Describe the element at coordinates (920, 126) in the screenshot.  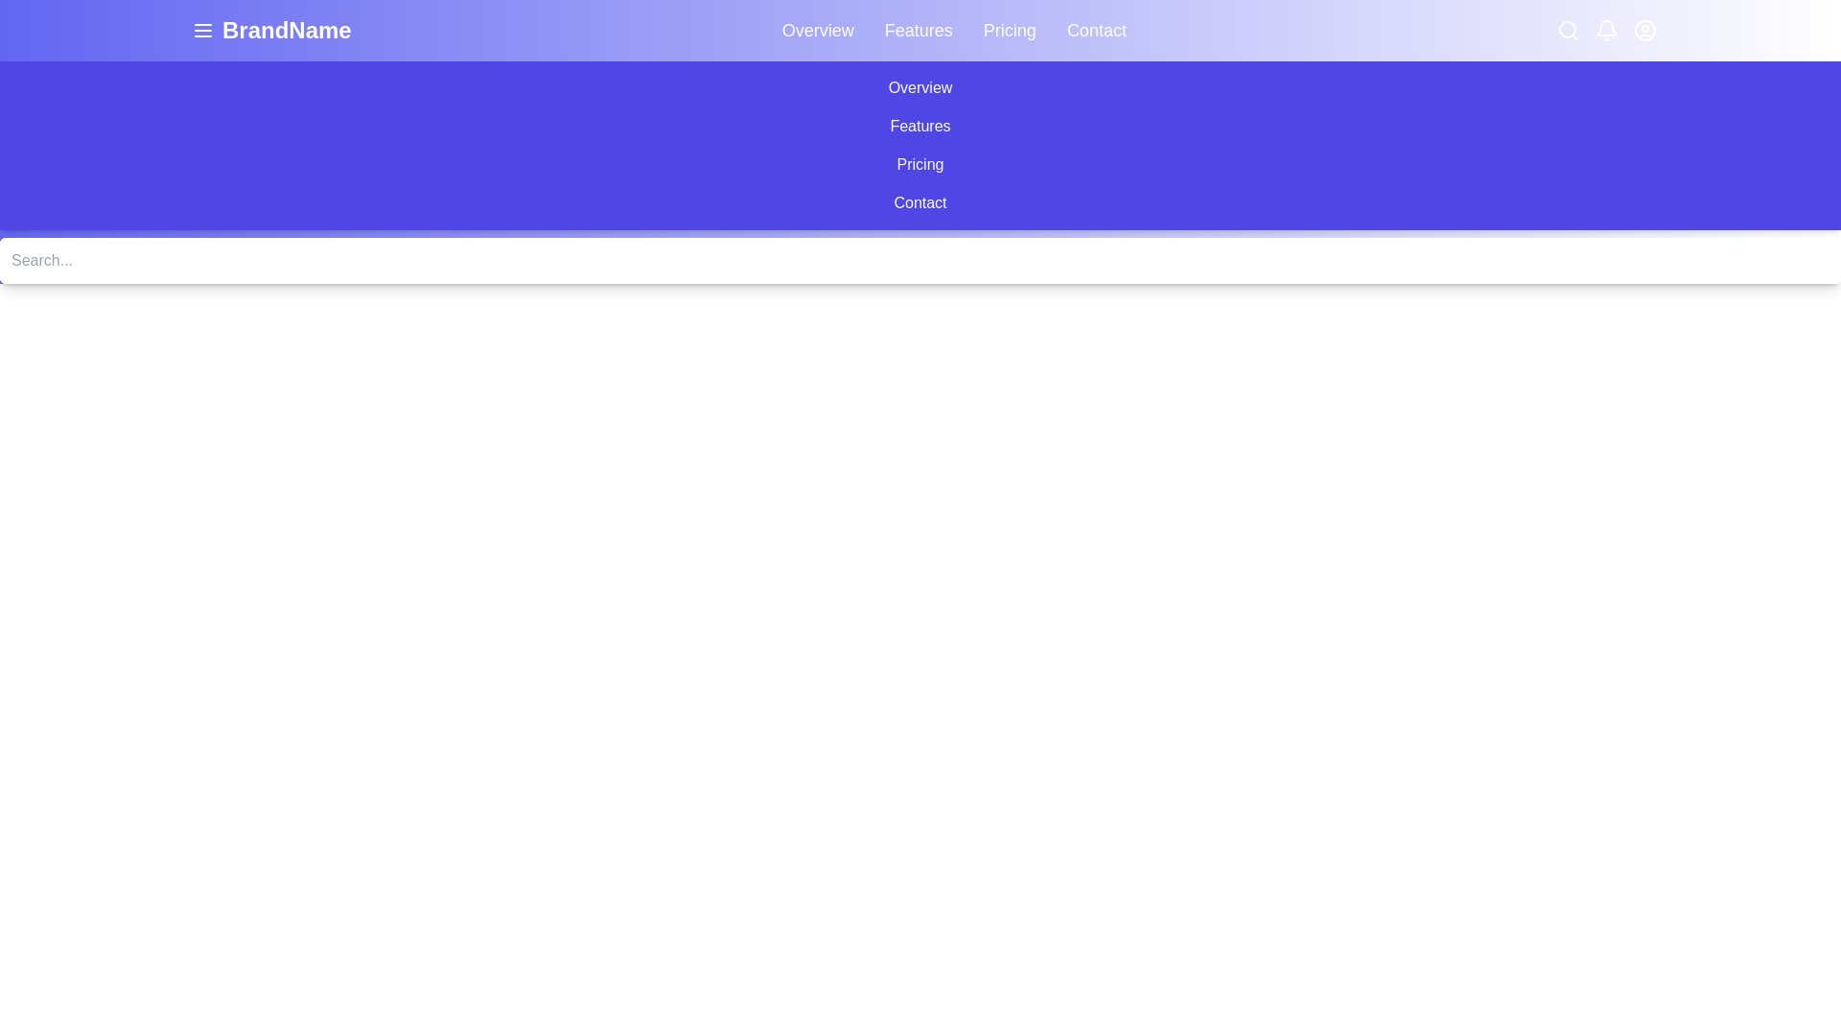
I see `the 'Features' button, which is a text label styled with a rounded rectangle shape` at that location.